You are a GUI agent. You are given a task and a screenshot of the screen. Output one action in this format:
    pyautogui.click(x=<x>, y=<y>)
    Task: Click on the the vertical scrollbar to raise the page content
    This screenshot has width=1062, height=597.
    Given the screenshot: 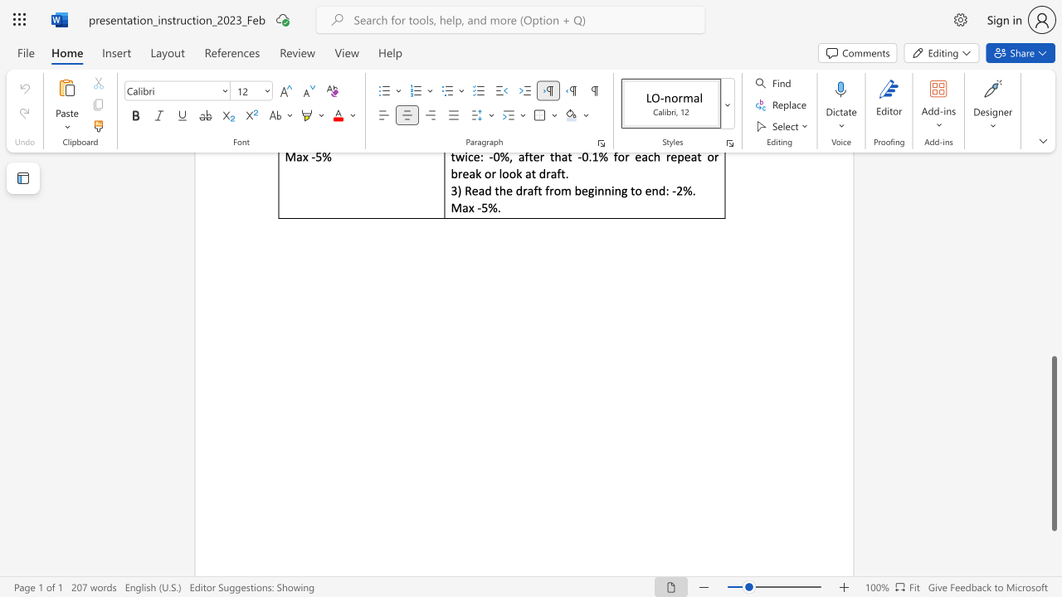 What is the action you would take?
    pyautogui.click(x=1053, y=174)
    